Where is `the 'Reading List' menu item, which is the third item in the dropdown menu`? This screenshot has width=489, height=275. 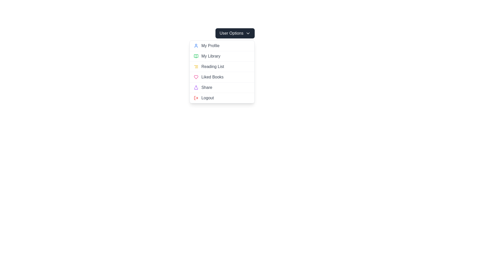 the 'Reading List' menu item, which is the third item in the dropdown menu is located at coordinates (222, 66).